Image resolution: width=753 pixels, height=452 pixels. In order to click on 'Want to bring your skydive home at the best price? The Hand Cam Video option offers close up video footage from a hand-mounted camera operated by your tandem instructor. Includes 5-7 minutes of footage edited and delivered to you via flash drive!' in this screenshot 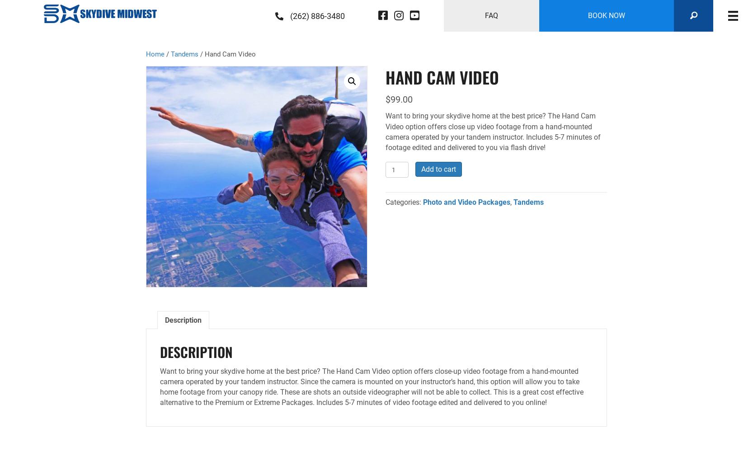, I will do `click(493, 132)`.